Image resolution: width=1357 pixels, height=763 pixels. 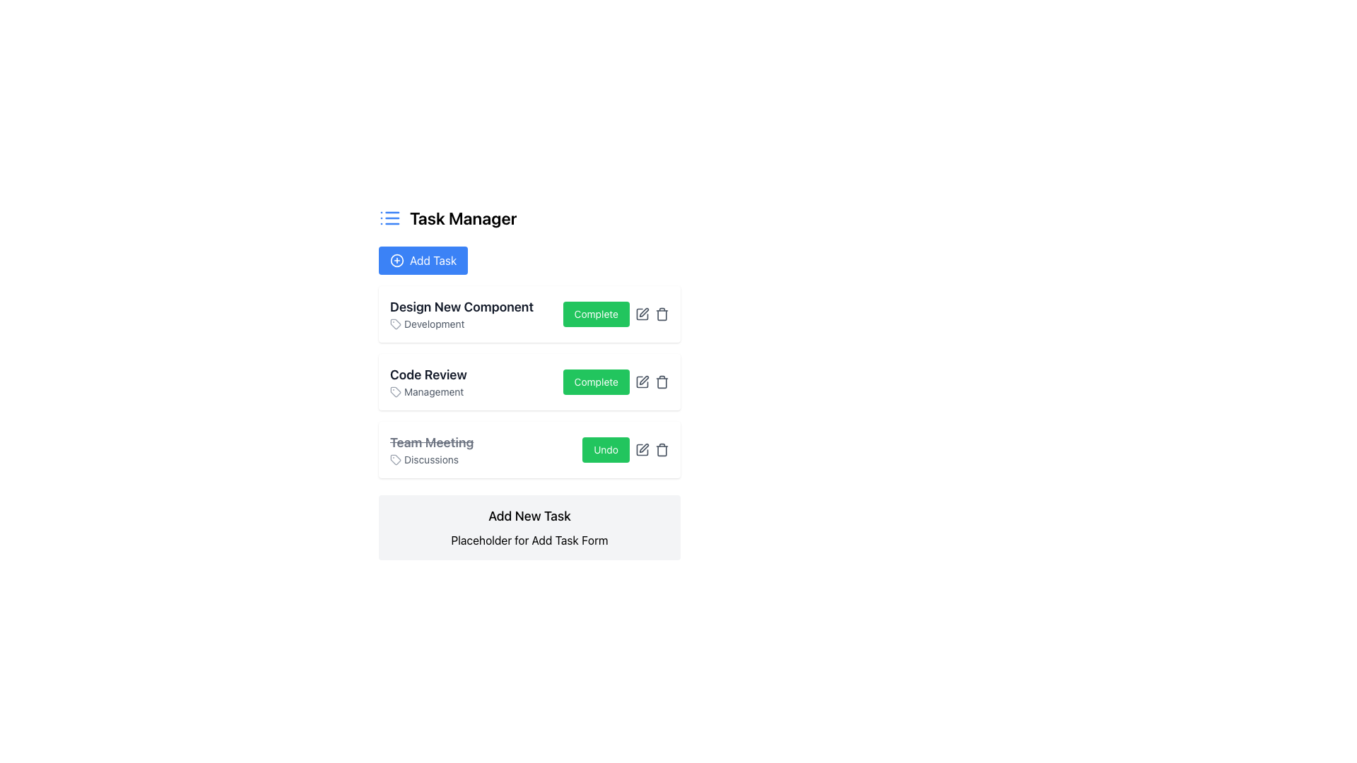 I want to click on the text label displaying 'Add New Task', which is centrally aligned and positioned above the placeholder text in the 'Placeholder for Add Task Form' section, so click(x=529, y=516).